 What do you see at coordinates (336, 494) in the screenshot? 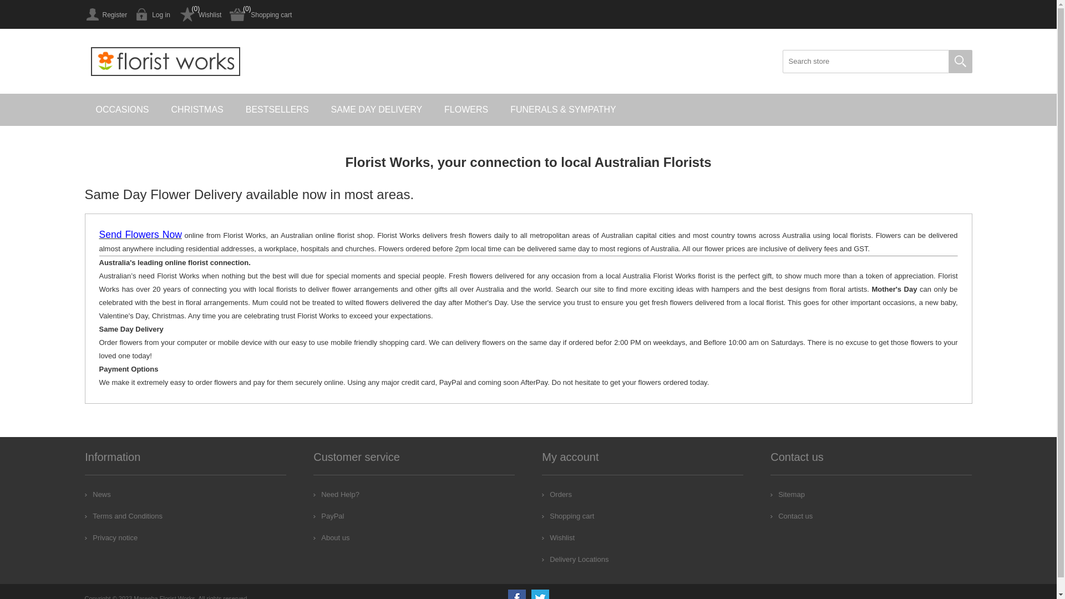
I see `'Need Help?'` at bounding box center [336, 494].